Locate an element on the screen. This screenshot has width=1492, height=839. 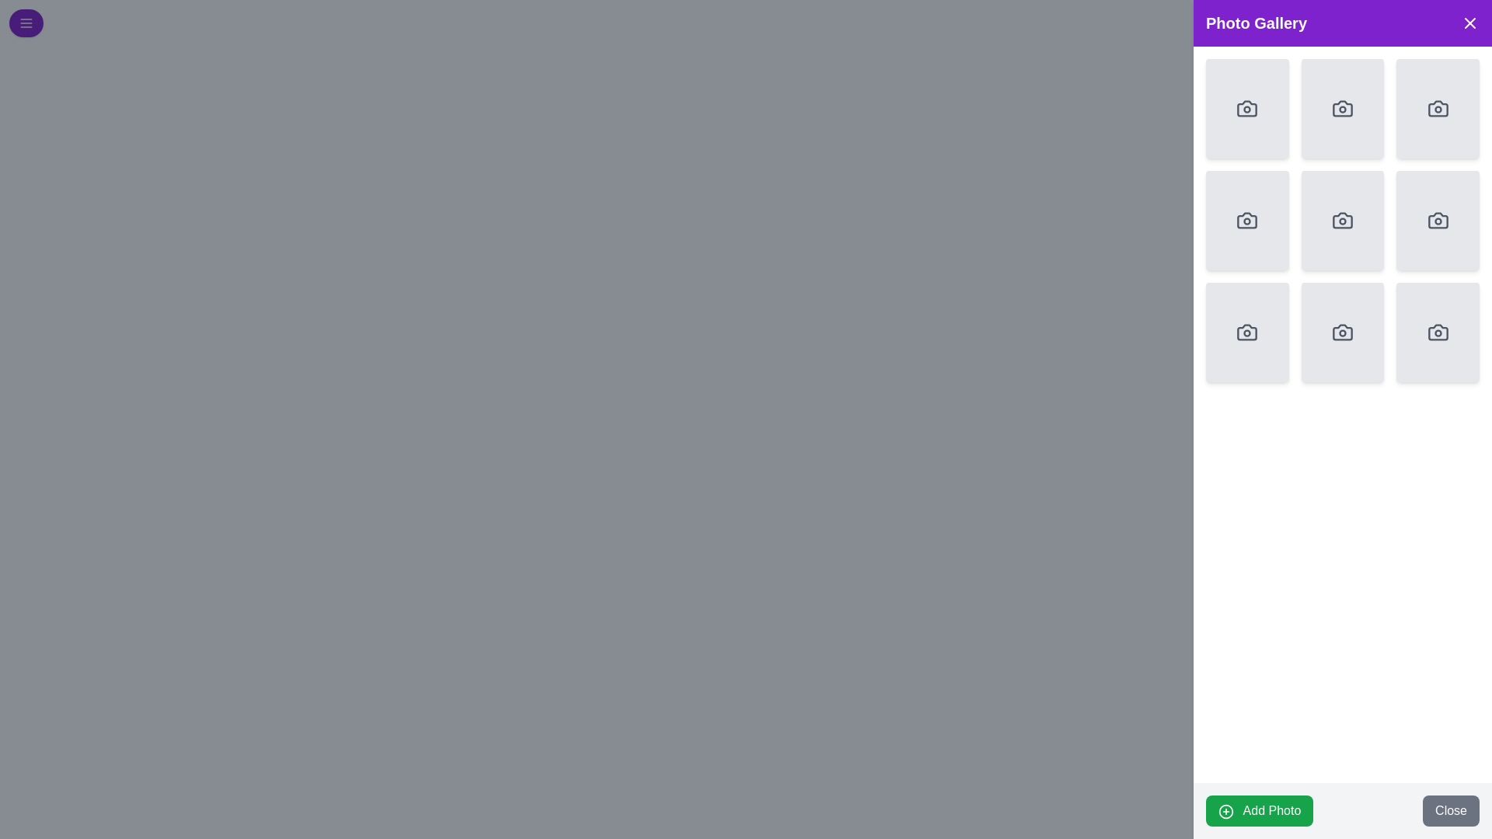
the placeholder visual element in the photo gallery grid is located at coordinates (1437, 107).